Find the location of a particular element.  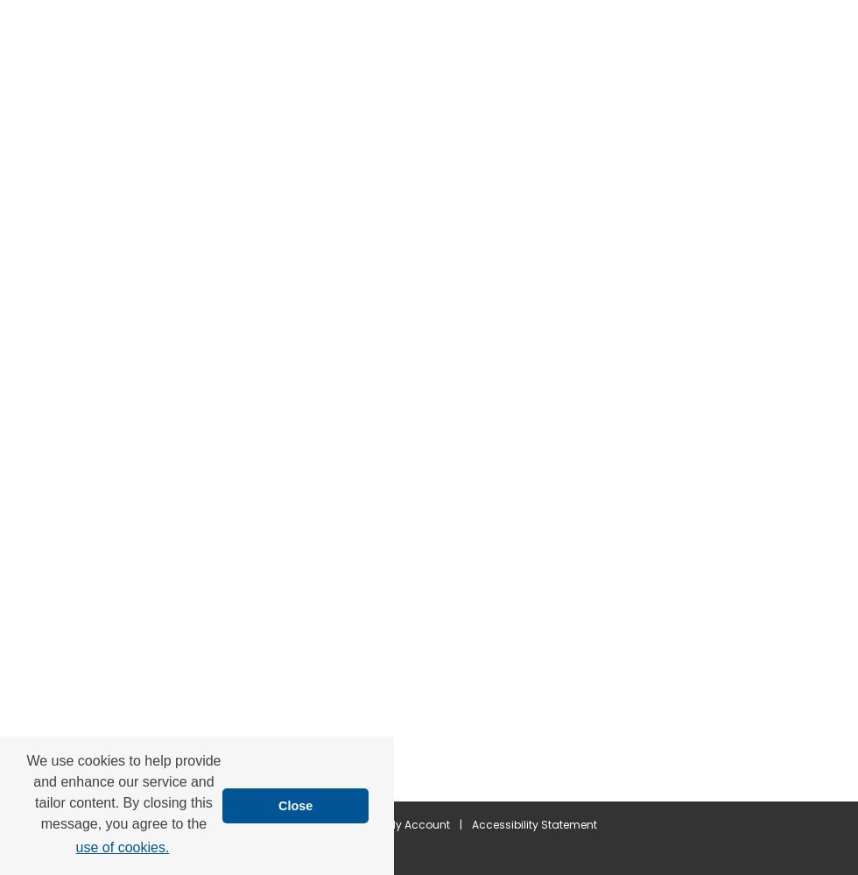

'Privacy' is located at coordinates (254, 845).